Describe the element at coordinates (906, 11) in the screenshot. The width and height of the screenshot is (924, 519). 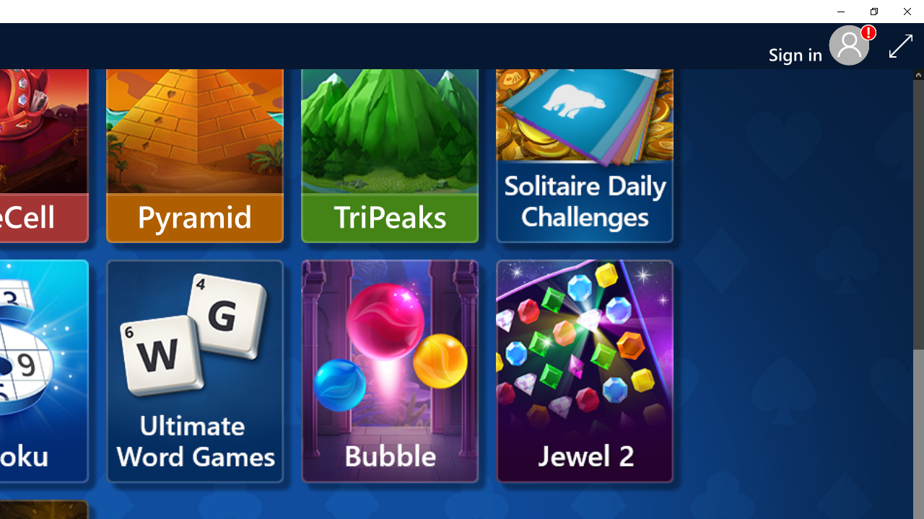
I see `'Close Solitaire & Casual Games'` at that location.